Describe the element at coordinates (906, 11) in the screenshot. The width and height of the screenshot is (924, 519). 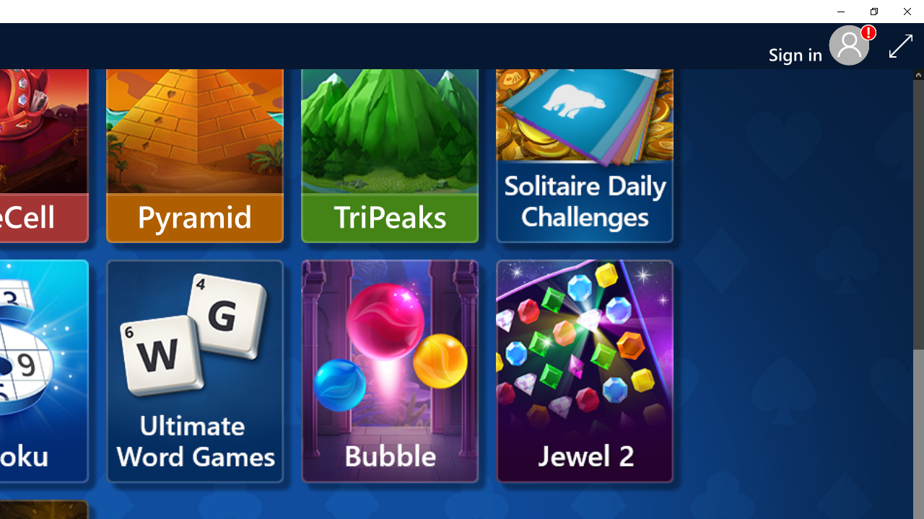
I see `'Close Solitaire & Casual Games'` at that location.